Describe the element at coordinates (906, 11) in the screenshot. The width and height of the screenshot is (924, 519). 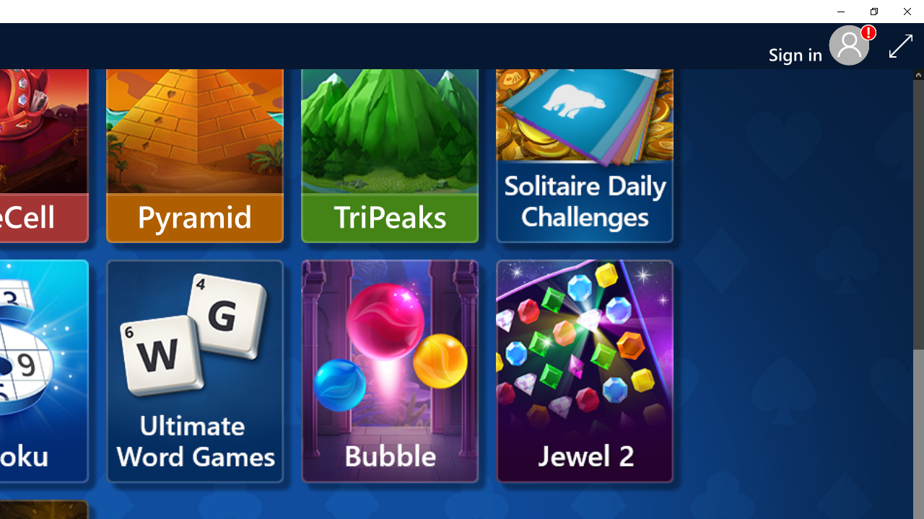
I see `'Close Solitaire & Casual Games'` at that location.